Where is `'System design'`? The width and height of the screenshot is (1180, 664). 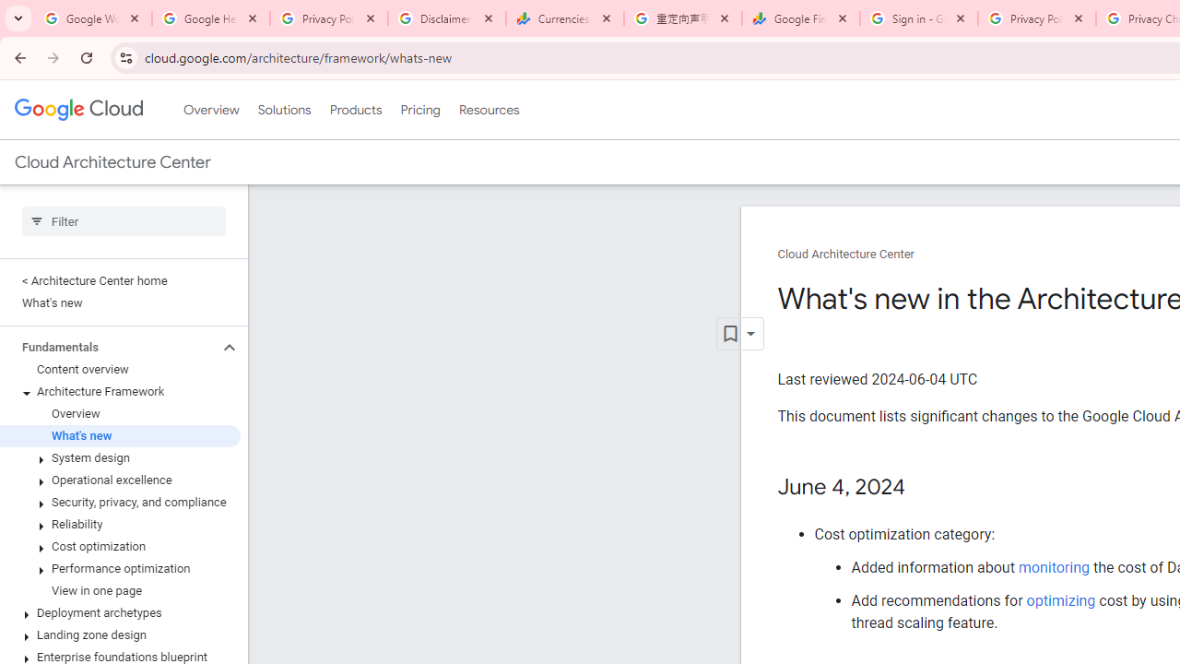 'System design' is located at coordinates (119, 457).